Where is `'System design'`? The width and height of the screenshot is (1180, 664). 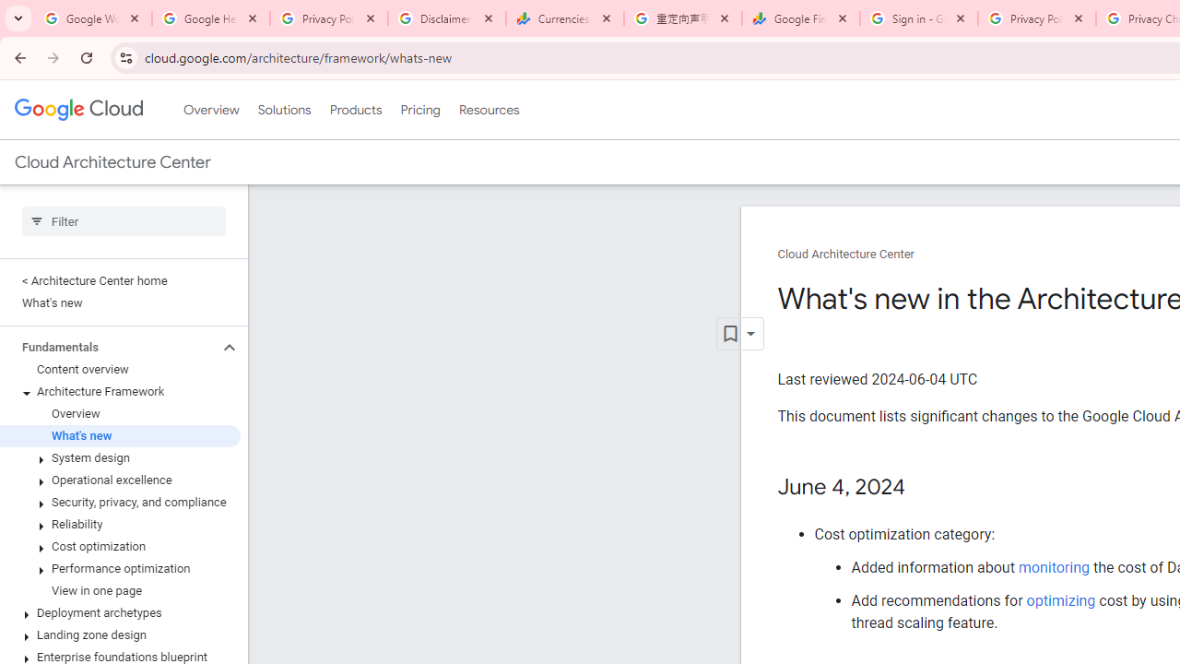 'System design' is located at coordinates (119, 457).